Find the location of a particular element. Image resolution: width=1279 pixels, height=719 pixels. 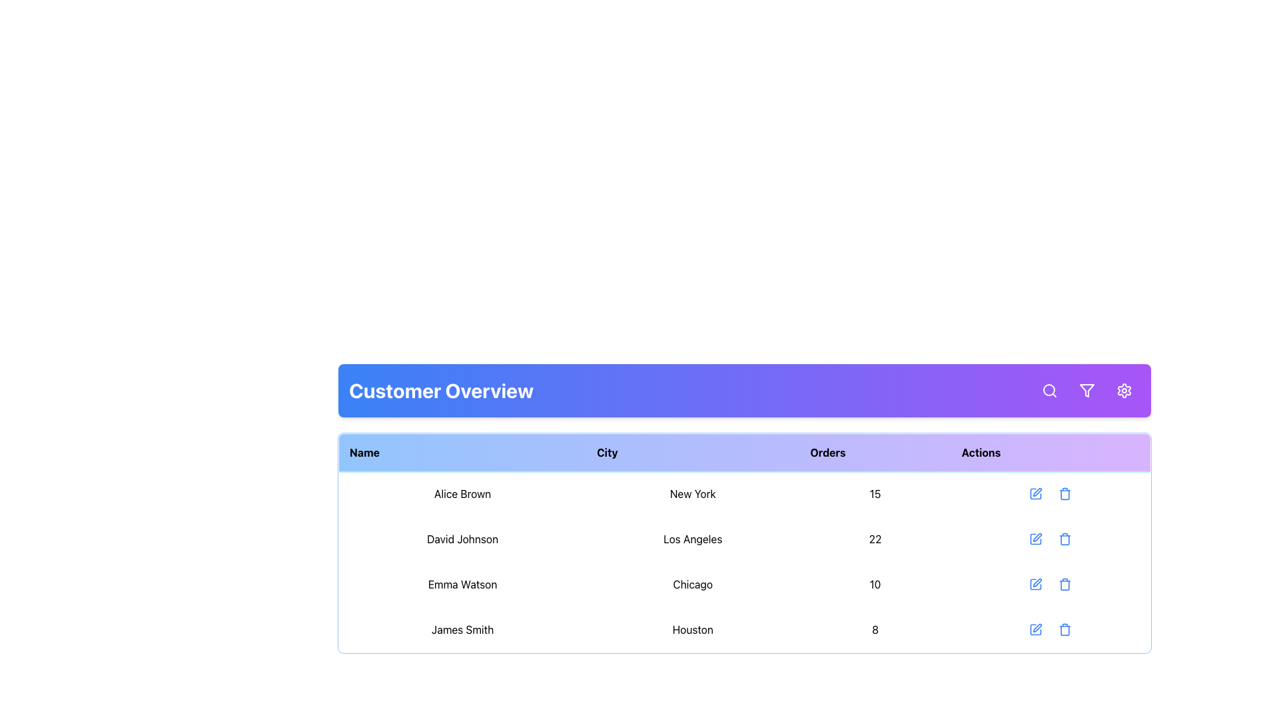

the delete button located at the far right of the actions column in the last row of the table is located at coordinates (1064, 629).